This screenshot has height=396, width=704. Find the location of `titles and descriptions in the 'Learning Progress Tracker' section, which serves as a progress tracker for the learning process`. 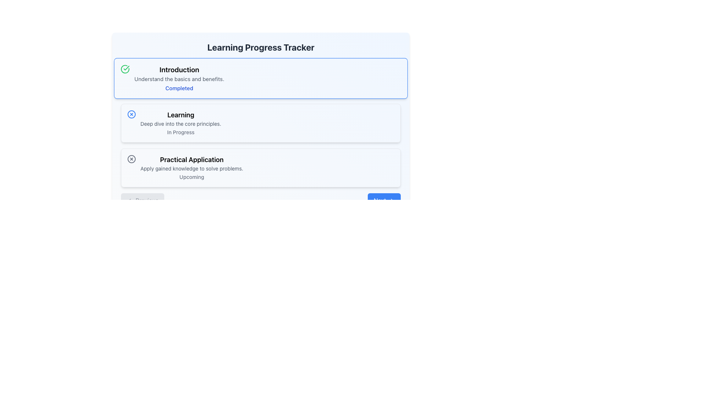

titles and descriptions in the 'Learning Progress Tracker' section, which serves as a progress tracker for the learning process is located at coordinates (261, 122).